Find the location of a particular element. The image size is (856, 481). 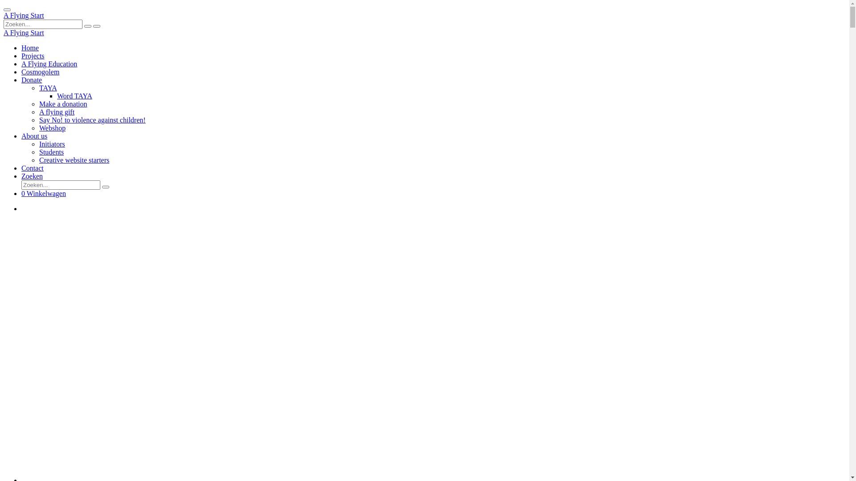

'Say No! to violence against children!' is located at coordinates (92, 119).